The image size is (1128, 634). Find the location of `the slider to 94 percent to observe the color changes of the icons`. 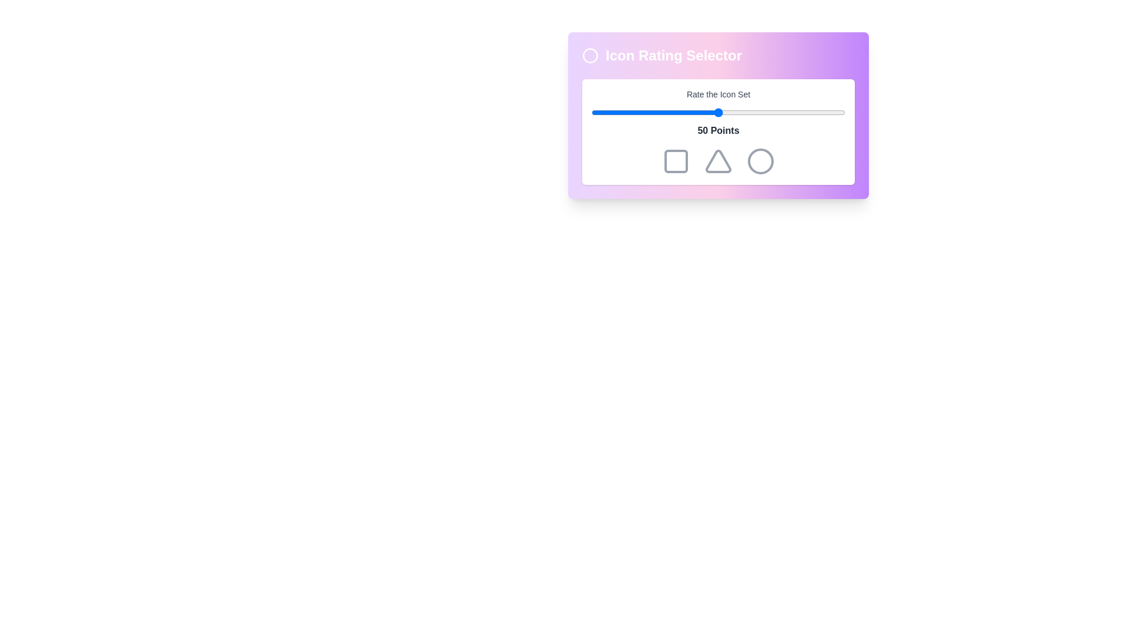

the slider to 94 percent to observe the color changes of the icons is located at coordinates (830, 113).